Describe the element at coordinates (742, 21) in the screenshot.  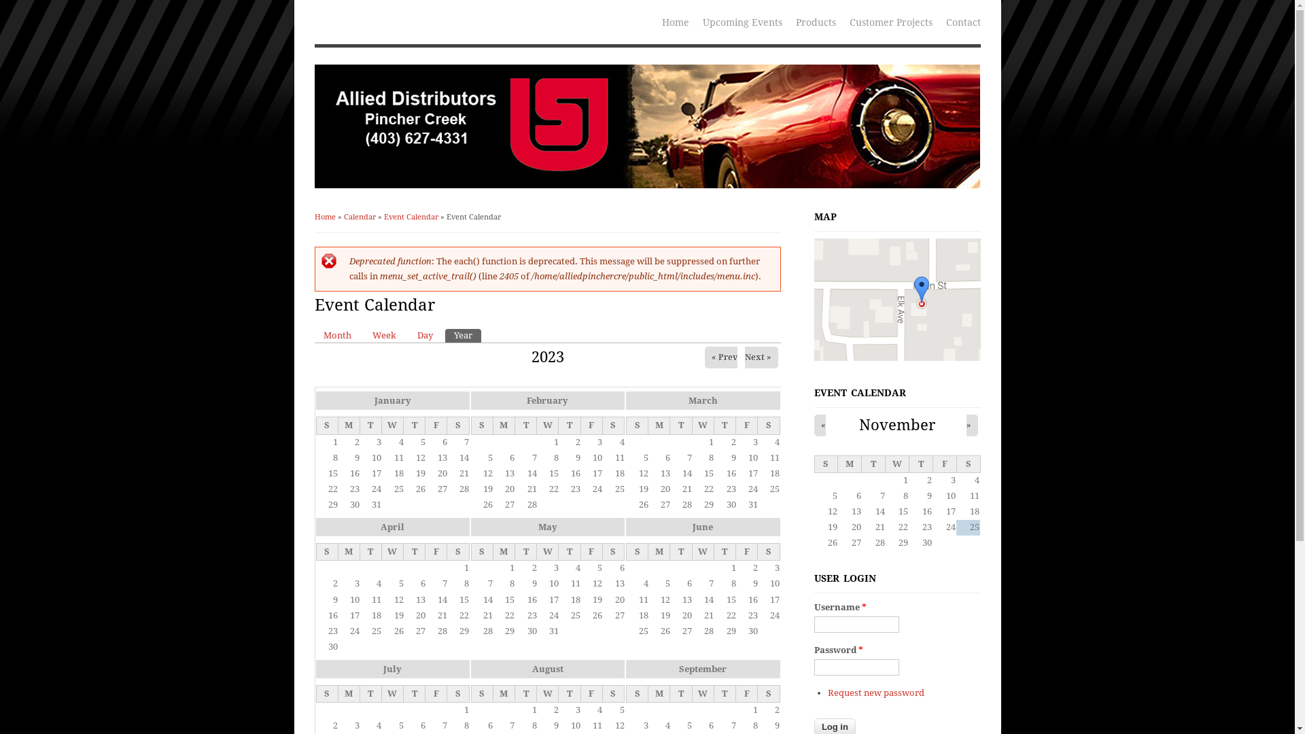
I see `'Upcoming Events'` at that location.